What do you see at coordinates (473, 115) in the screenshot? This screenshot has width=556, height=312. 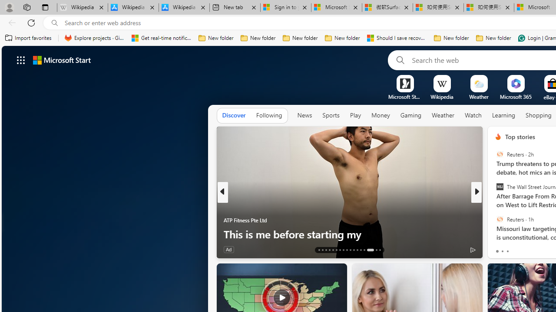 I see `'Watch'` at bounding box center [473, 115].